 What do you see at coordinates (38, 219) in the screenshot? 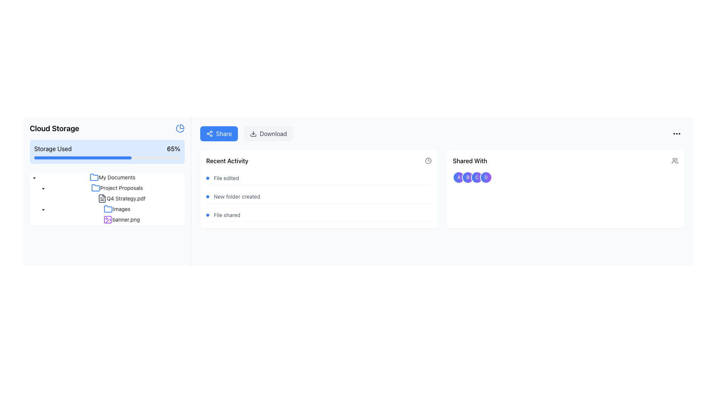
I see `the Indentation guide element, which serves as a structural placeholder in the tree navigation for the 'banner.png' item, located directly to its left` at bounding box center [38, 219].